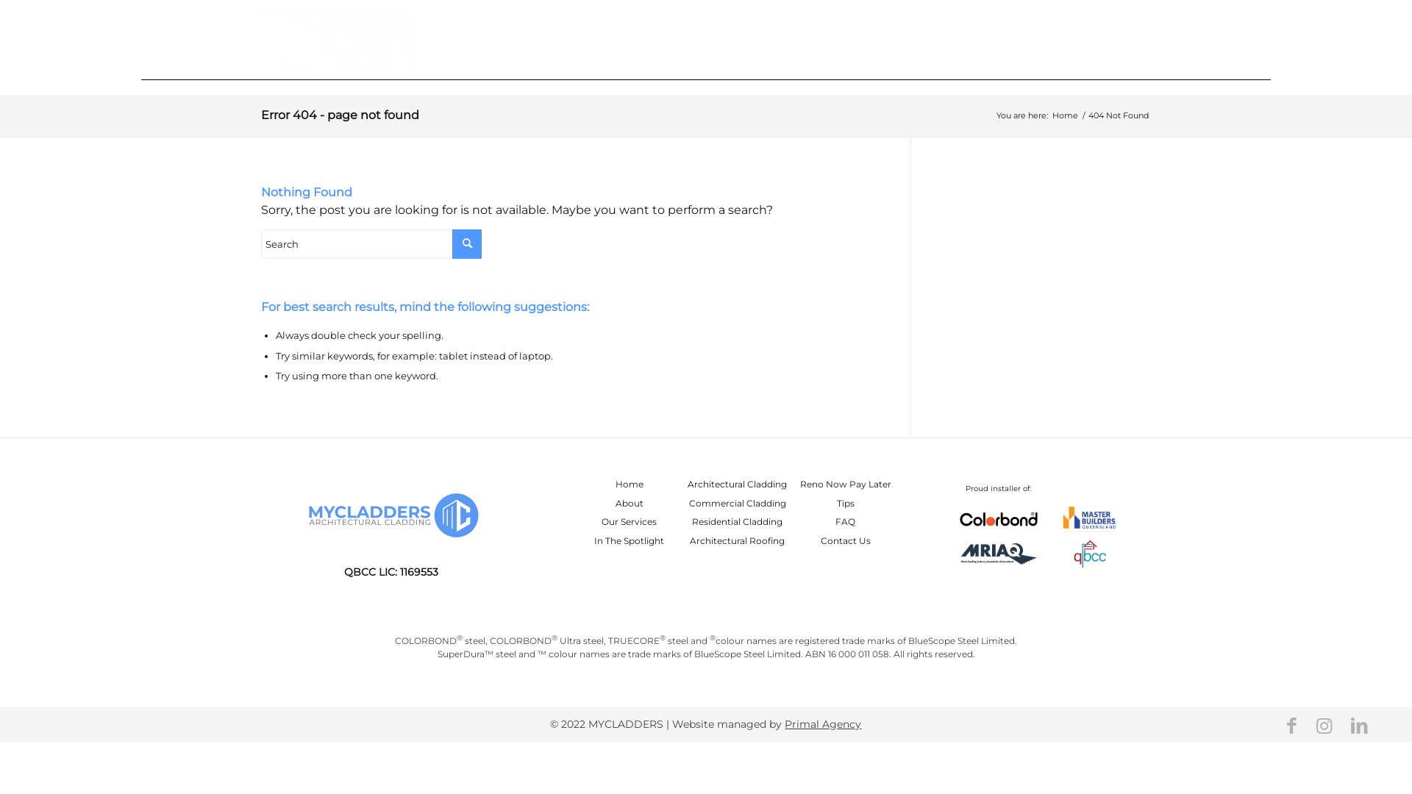  Describe the element at coordinates (629, 540) in the screenshot. I see `'In The Spotlight'` at that location.